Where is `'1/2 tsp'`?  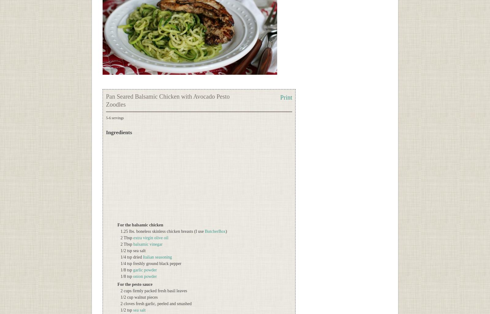 '1/2 tsp' is located at coordinates (126, 310).